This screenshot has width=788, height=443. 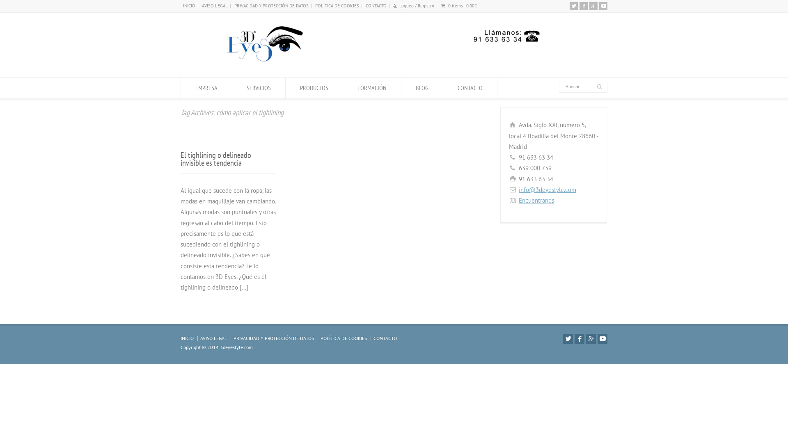 What do you see at coordinates (573, 6) in the screenshot?
I see `'Twitter'` at bounding box center [573, 6].